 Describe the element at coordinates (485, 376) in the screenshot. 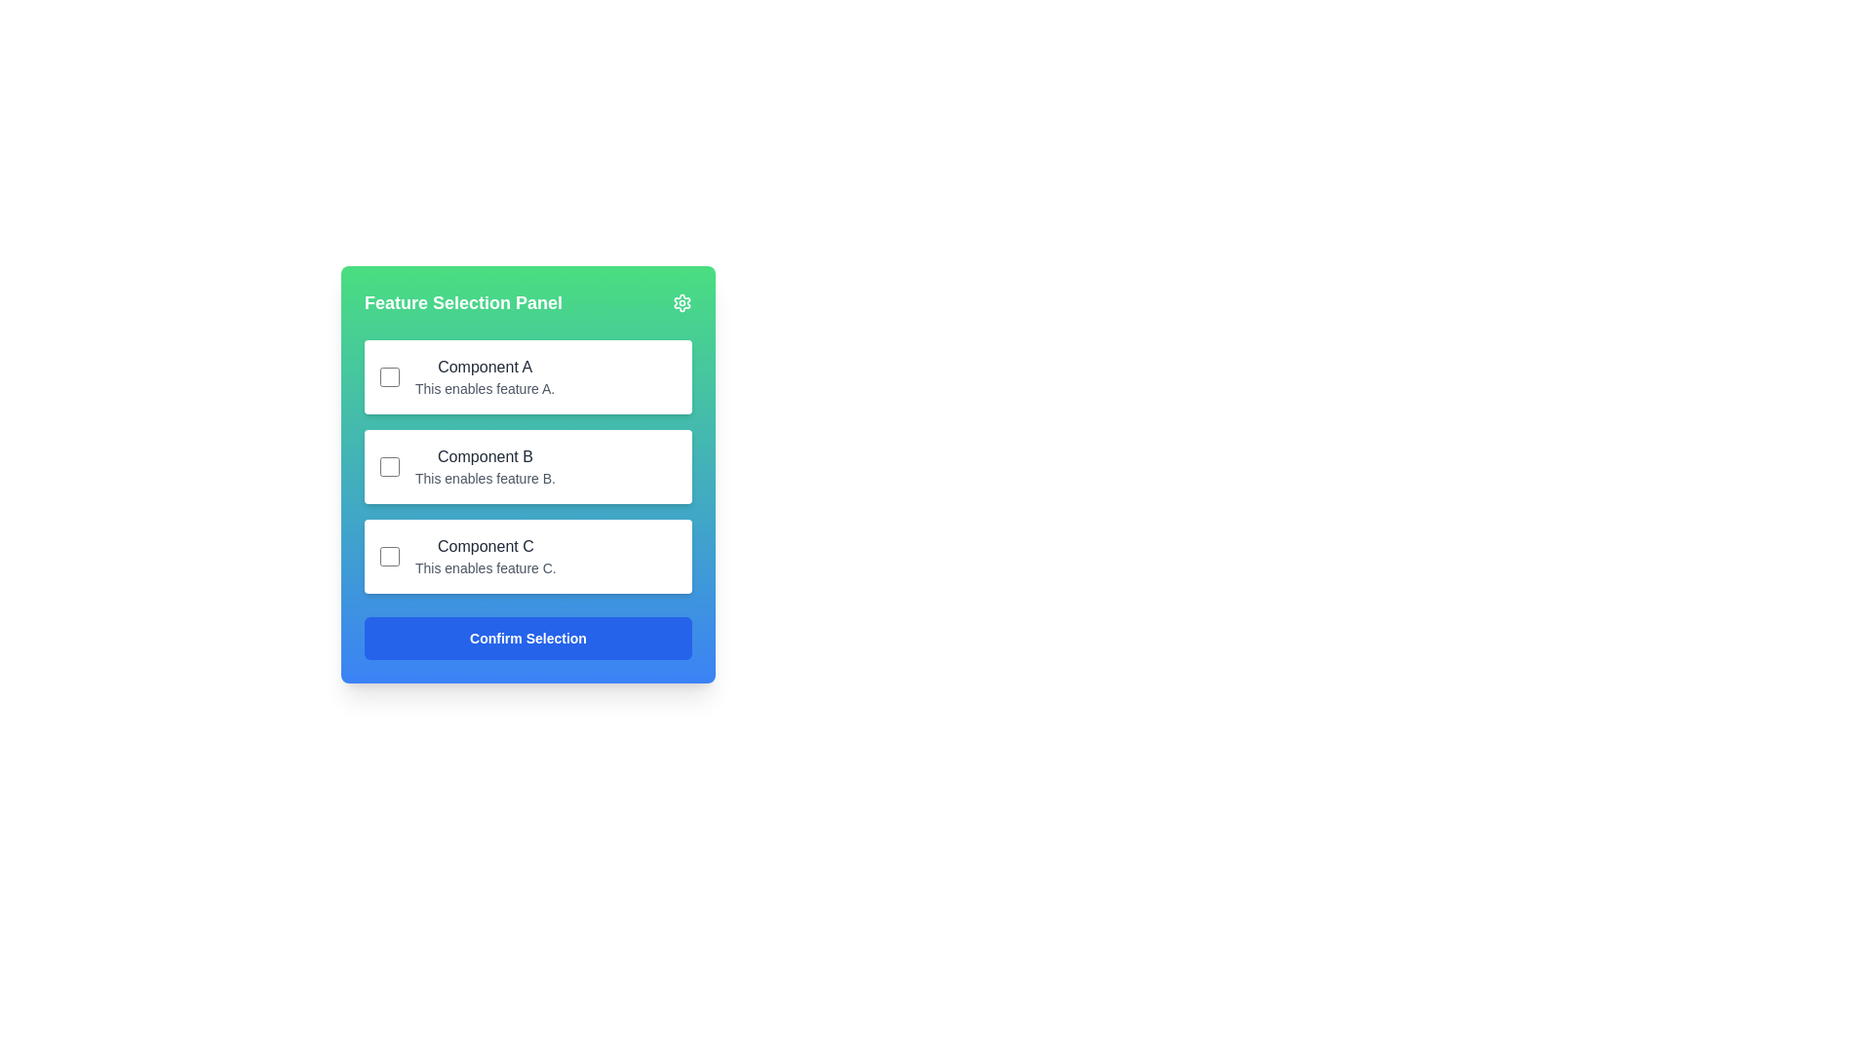

I see `the text label that describes the feature associated with the checkbox in the first feature block of the 'Feature Selection Panel'` at that location.